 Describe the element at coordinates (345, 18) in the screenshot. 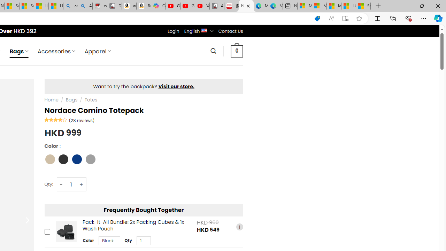

I see `'Enter Immersive Reader (F9)'` at that location.